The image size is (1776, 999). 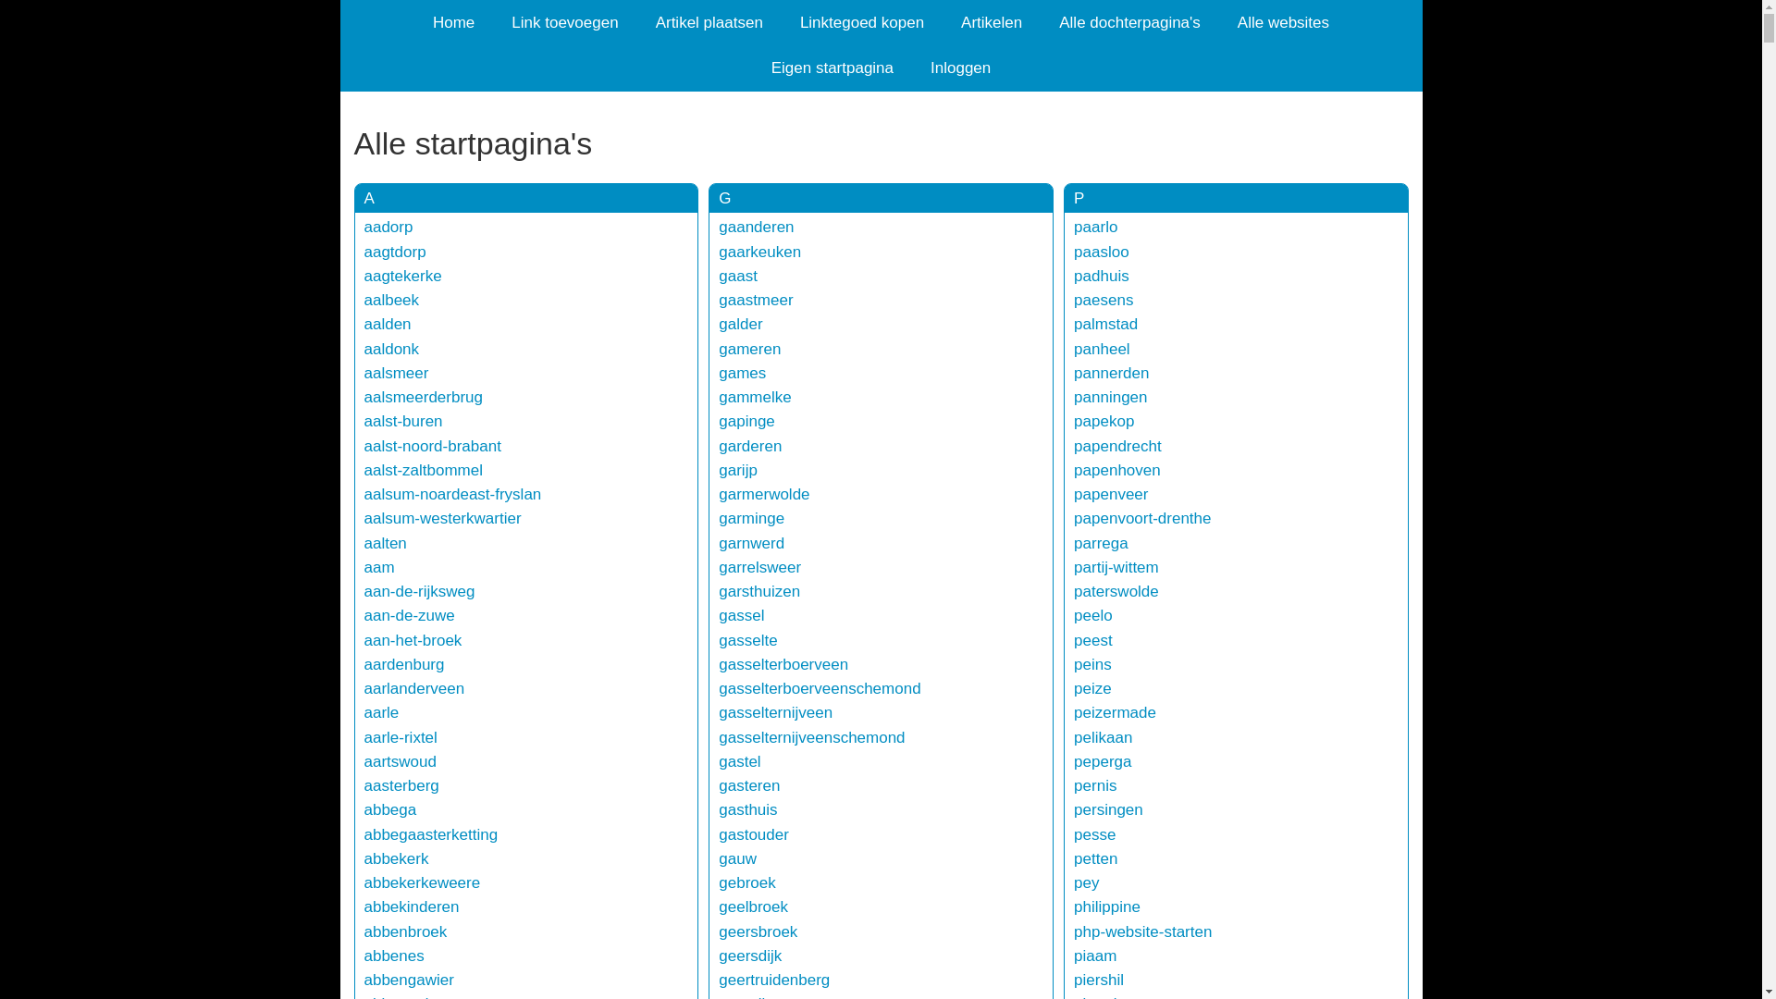 What do you see at coordinates (756, 226) in the screenshot?
I see `'gaanderen'` at bounding box center [756, 226].